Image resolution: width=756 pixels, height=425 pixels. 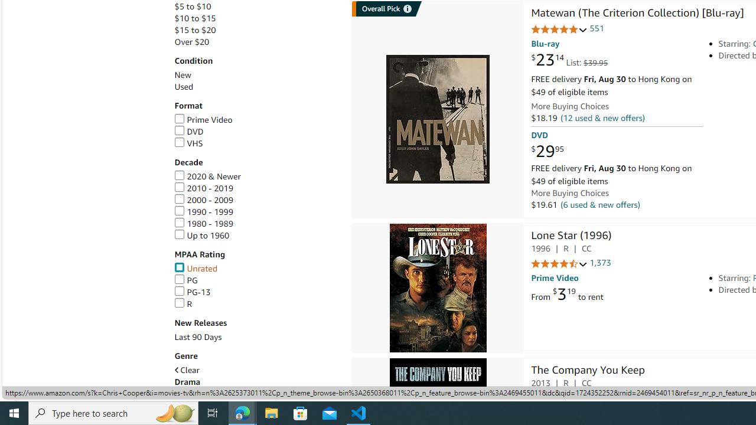 I want to click on 'Blu-ray', so click(x=545, y=43).